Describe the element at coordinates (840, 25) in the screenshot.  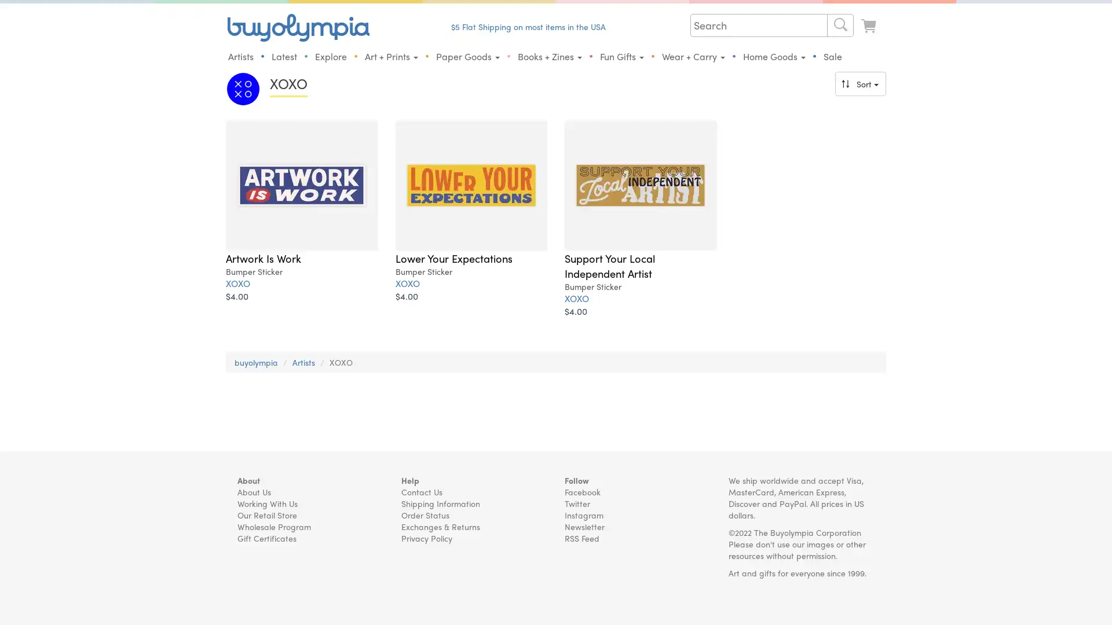
I see `Search` at that location.